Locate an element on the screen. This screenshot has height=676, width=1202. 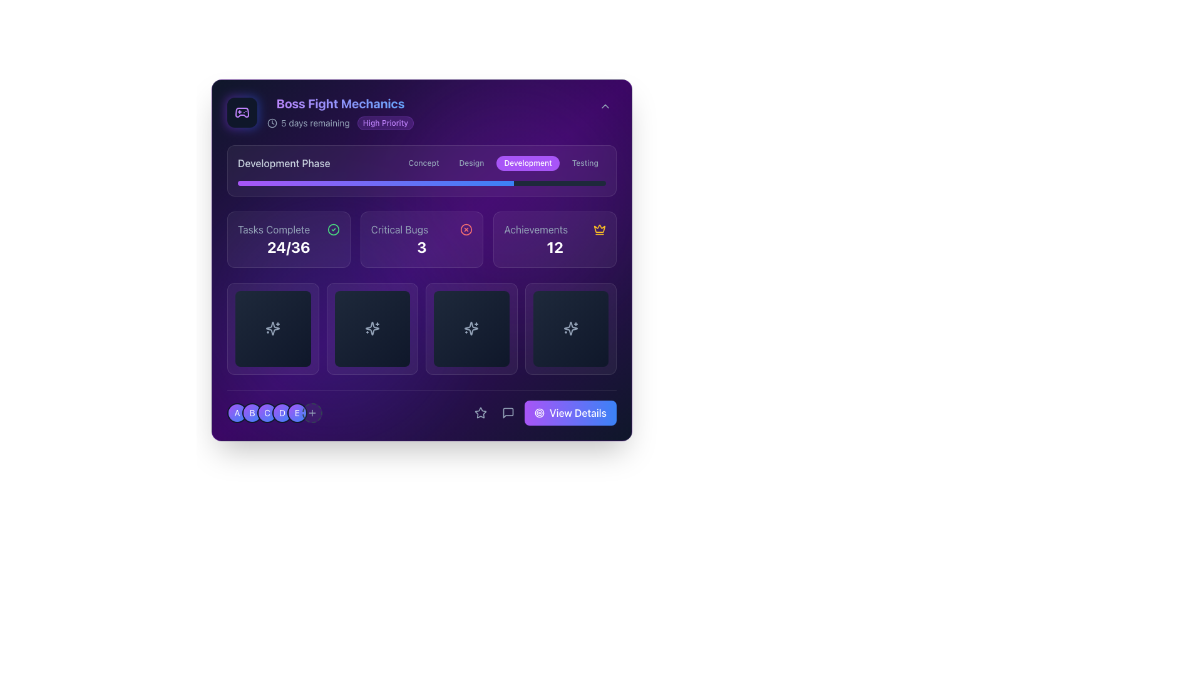
the third square card with a dark gradient background and a centered sparkles icon, located in the lower section of the interface is located at coordinates (471, 328).